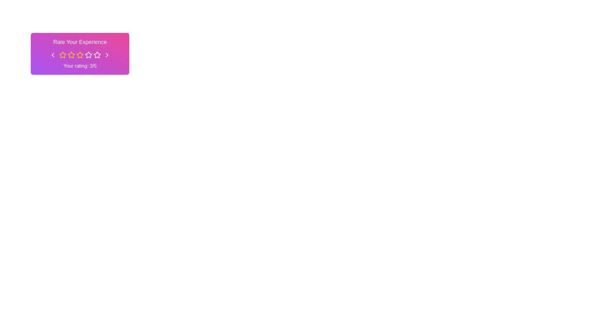  Describe the element at coordinates (79, 54) in the screenshot. I see `the third yellow star icon in the rating system` at that location.